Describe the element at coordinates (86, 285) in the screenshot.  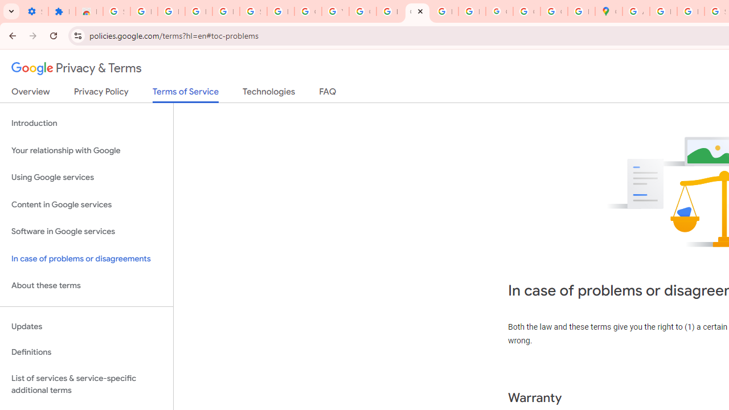
I see `'About these terms'` at that location.